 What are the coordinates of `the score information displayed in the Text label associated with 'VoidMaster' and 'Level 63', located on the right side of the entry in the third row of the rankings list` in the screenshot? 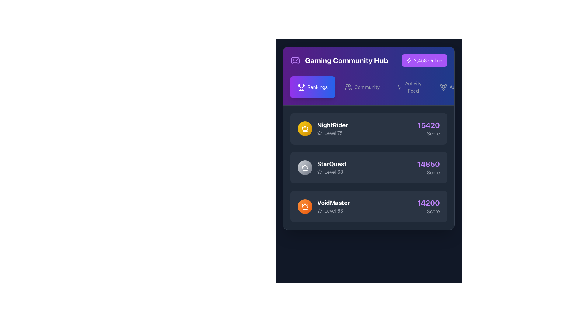 It's located at (428, 206).